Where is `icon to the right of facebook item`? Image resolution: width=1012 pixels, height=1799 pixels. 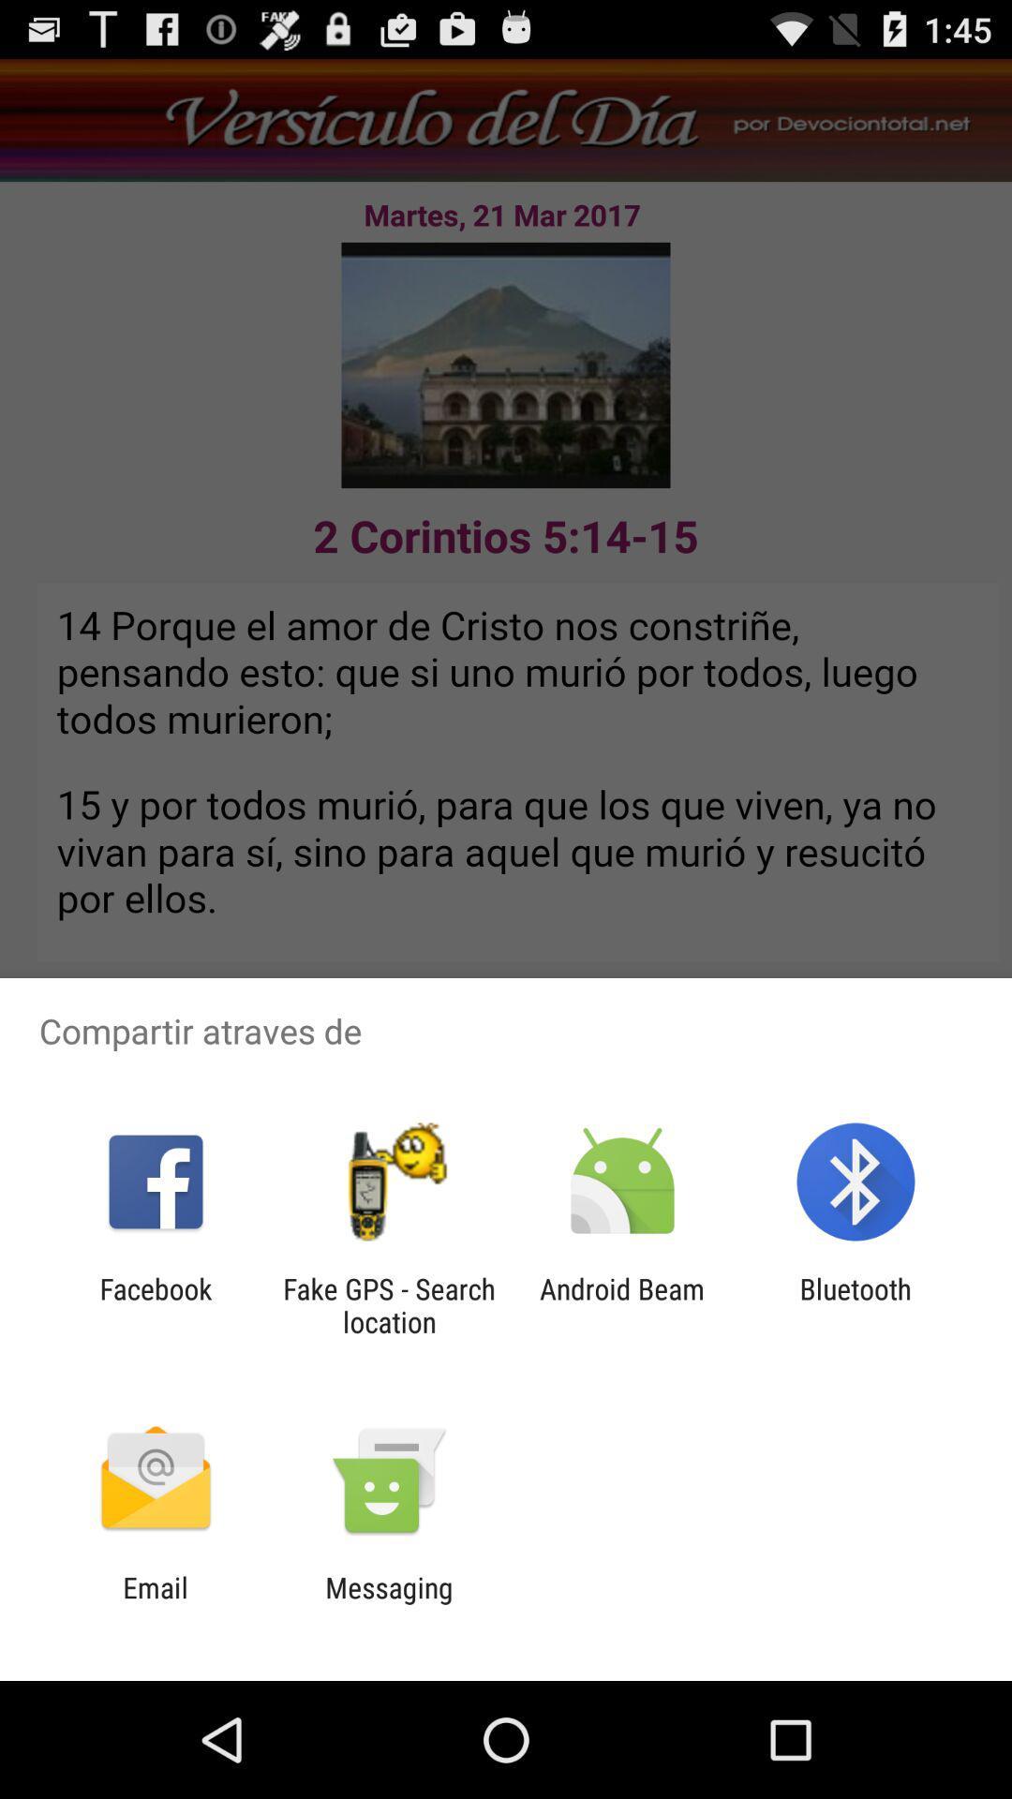
icon to the right of facebook item is located at coordinates (388, 1304).